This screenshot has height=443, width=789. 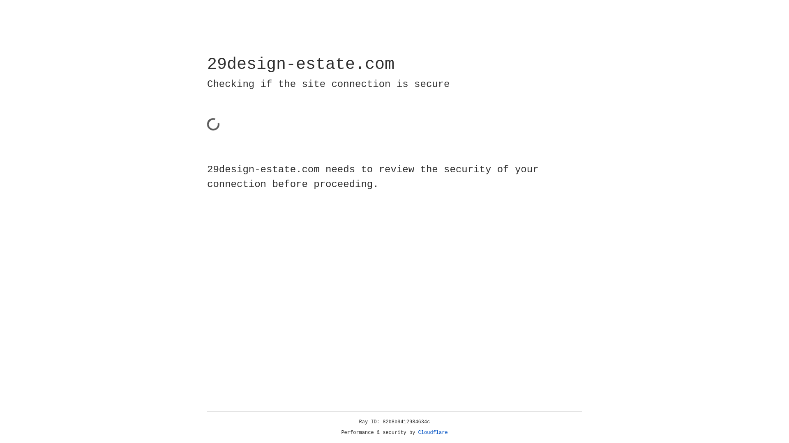 I want to click on 'Cloudflare', so click(x=418, y=432).